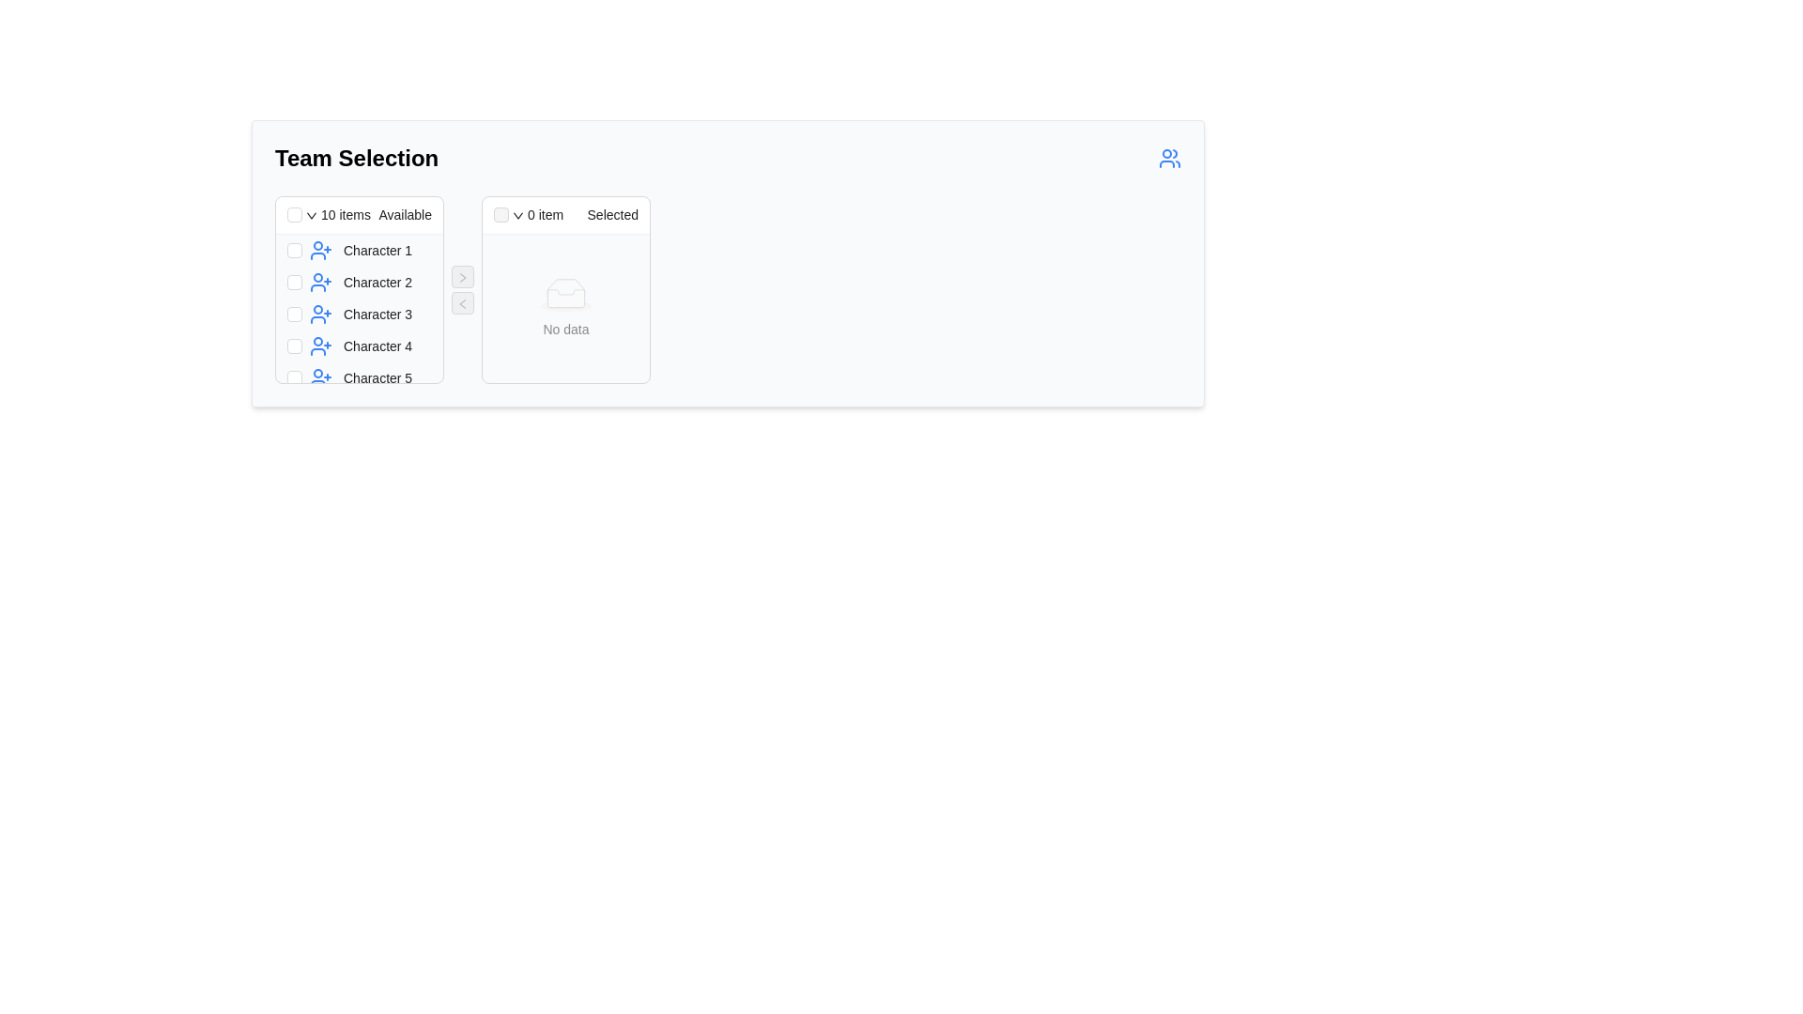  What do you see at coordinates (370, 377) in the screenshot?
I see `to select the list item displaying 'Character 5' with a user icon and a plus sign, styled in blue, located in the left-hand panel of the interface` at bounding box center [370, 377].